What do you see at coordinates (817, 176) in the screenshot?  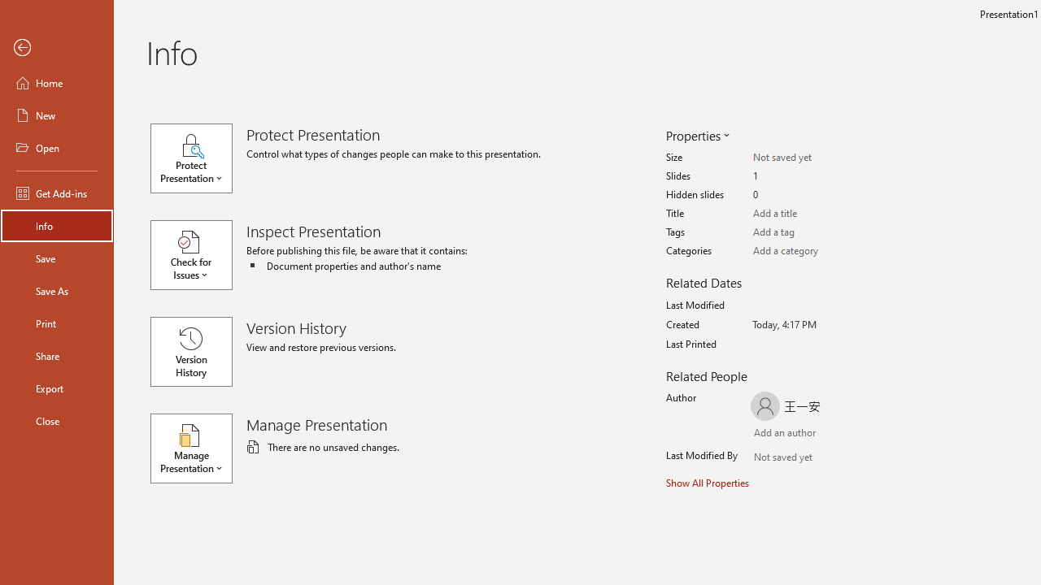 I see `'Slides'` at bounding box center [817, 176].